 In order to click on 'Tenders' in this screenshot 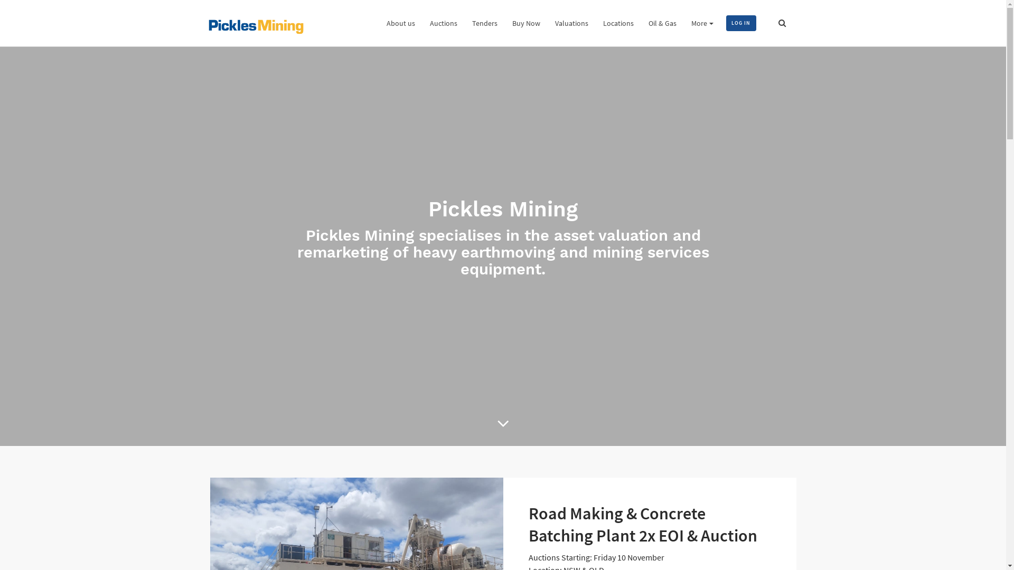, I will do `click(484, 22)`.